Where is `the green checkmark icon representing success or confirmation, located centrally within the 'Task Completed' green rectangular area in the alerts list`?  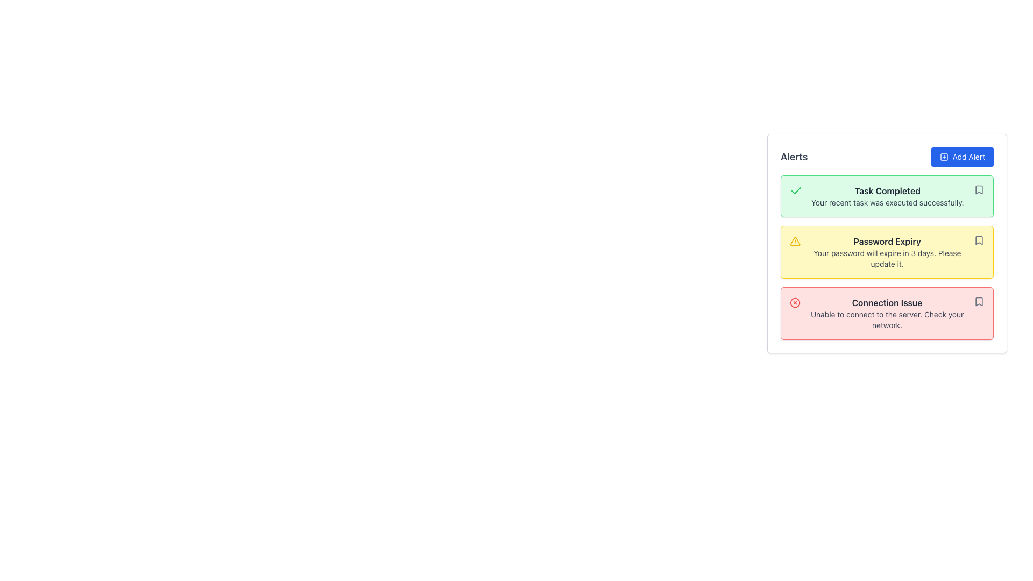
the green checkmark icon representing success or confirmation, located centrally within the 'Task Completed' green rectangular area in the alerts list is located at coordinates (796, 190).